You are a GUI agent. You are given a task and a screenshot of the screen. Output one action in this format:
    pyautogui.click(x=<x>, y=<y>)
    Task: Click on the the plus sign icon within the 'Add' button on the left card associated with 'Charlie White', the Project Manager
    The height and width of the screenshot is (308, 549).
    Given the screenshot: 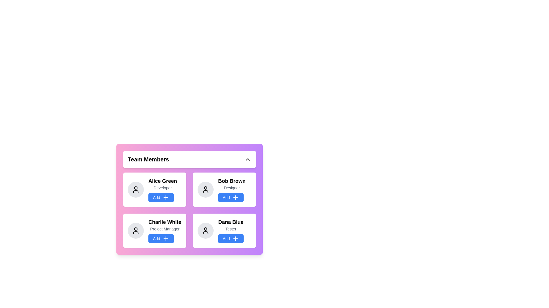 What is the action you would take?
    pyautogui.click(x=165, y=239)
    